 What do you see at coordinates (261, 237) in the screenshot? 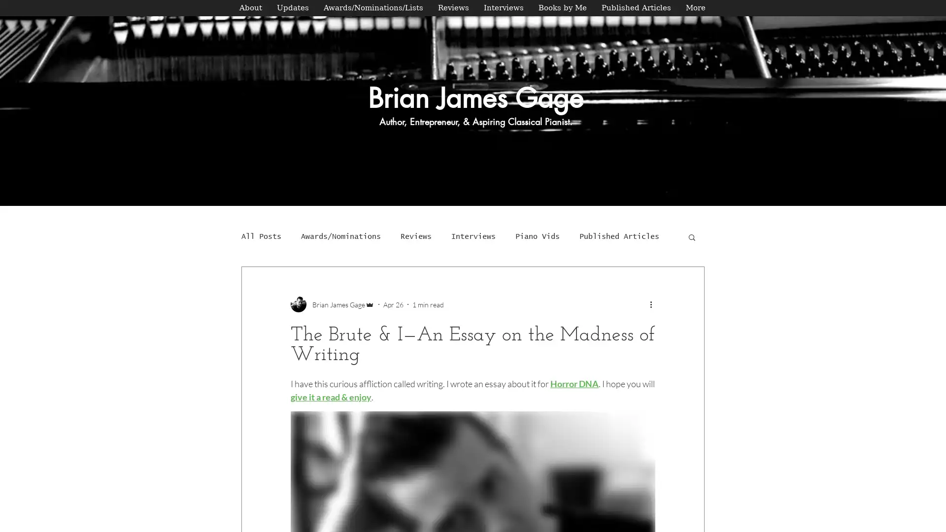
I see `All Posts` at bounding box center [261, 237].